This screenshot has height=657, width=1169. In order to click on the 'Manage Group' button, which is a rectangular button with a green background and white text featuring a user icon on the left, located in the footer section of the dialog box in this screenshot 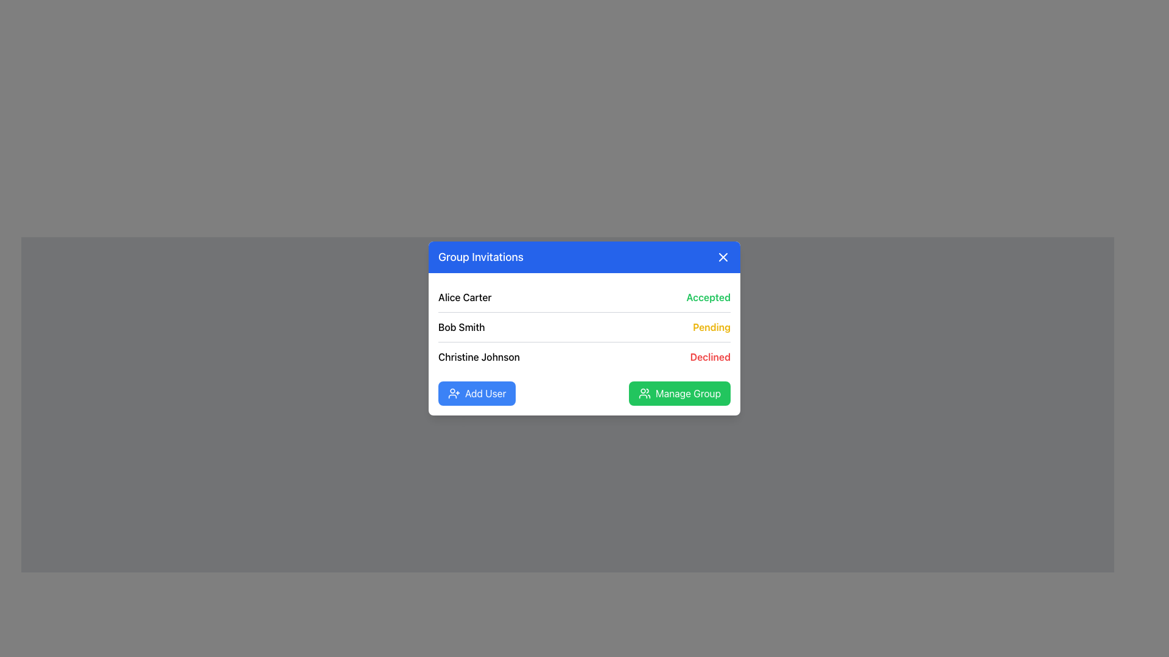, I will do `click(679, 394)`.